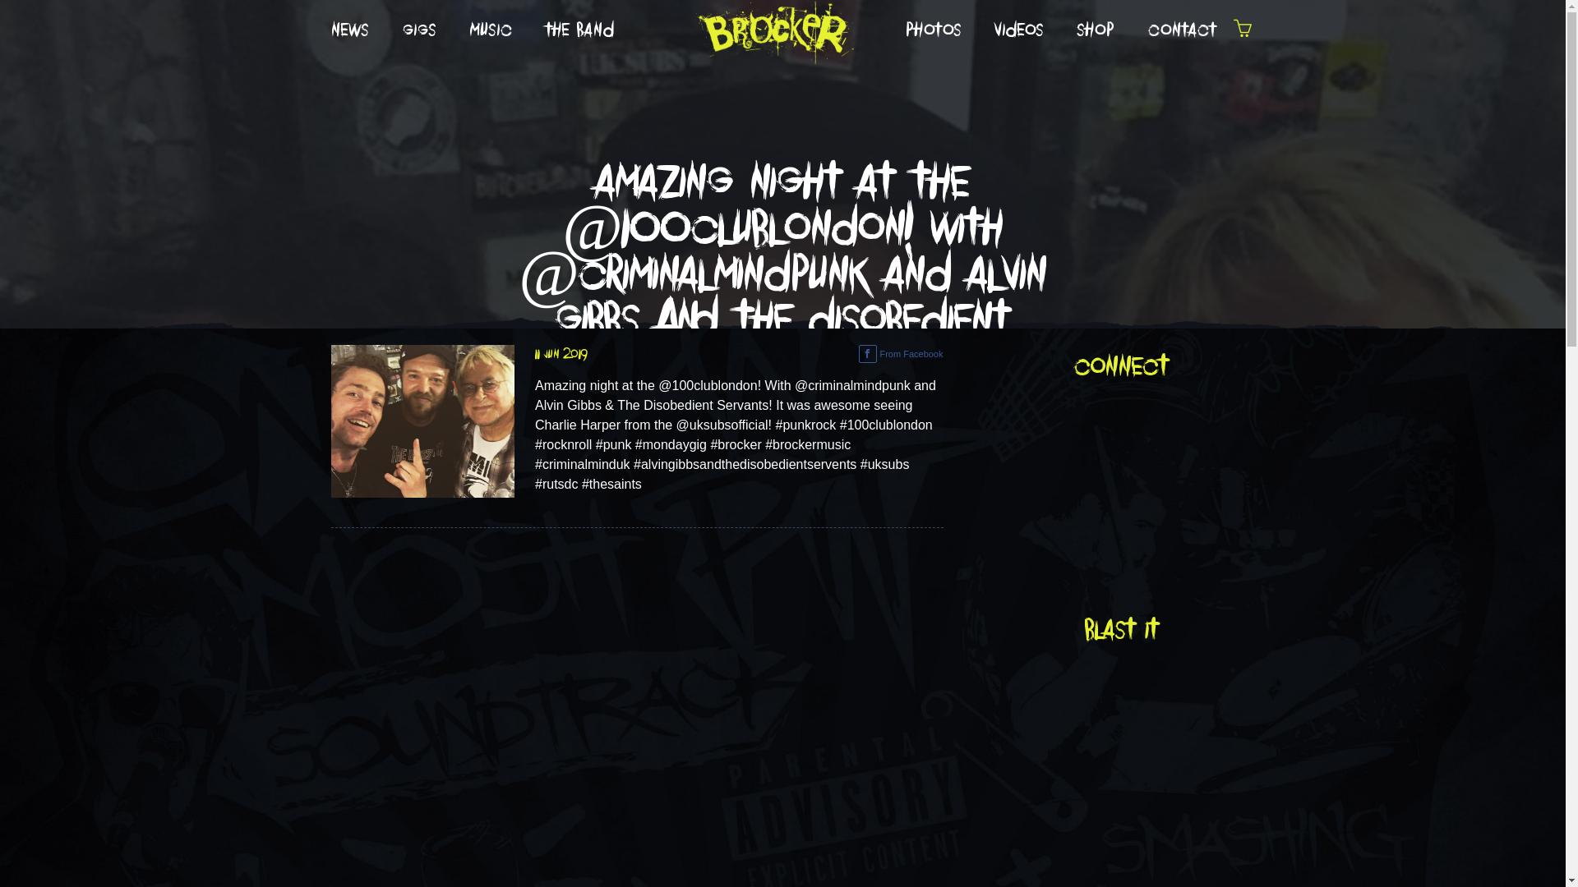 The height and width of the screenshot is (887, 1578). I want to click on 'music', so click(491, 30).